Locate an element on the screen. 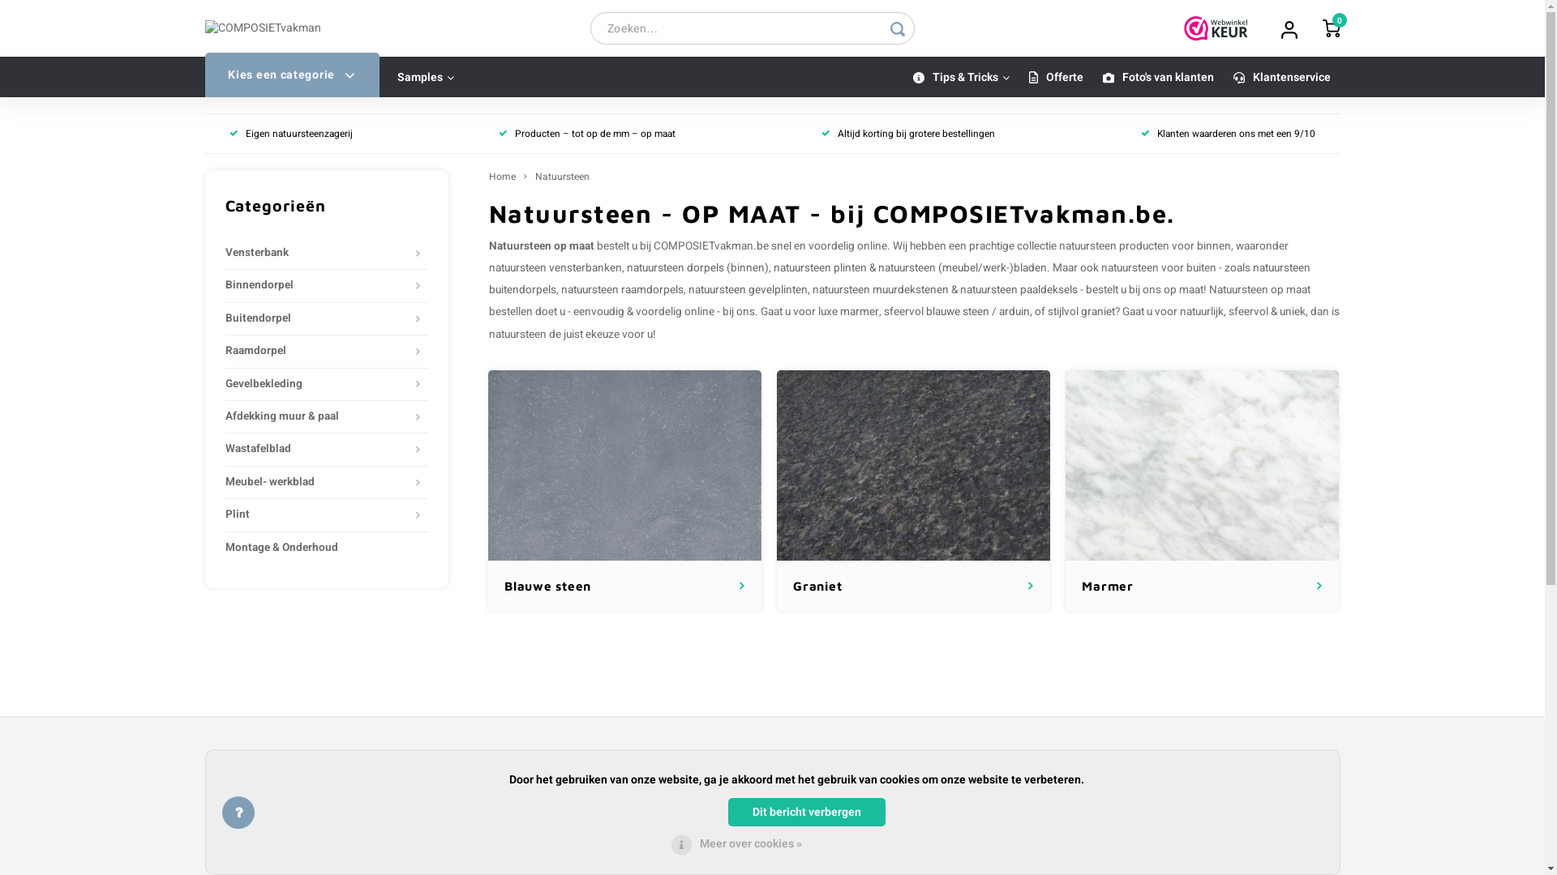 The height and width of the screenshot is (875, 1557). 'Kies een categorie' is located at coordinates (291, 75).